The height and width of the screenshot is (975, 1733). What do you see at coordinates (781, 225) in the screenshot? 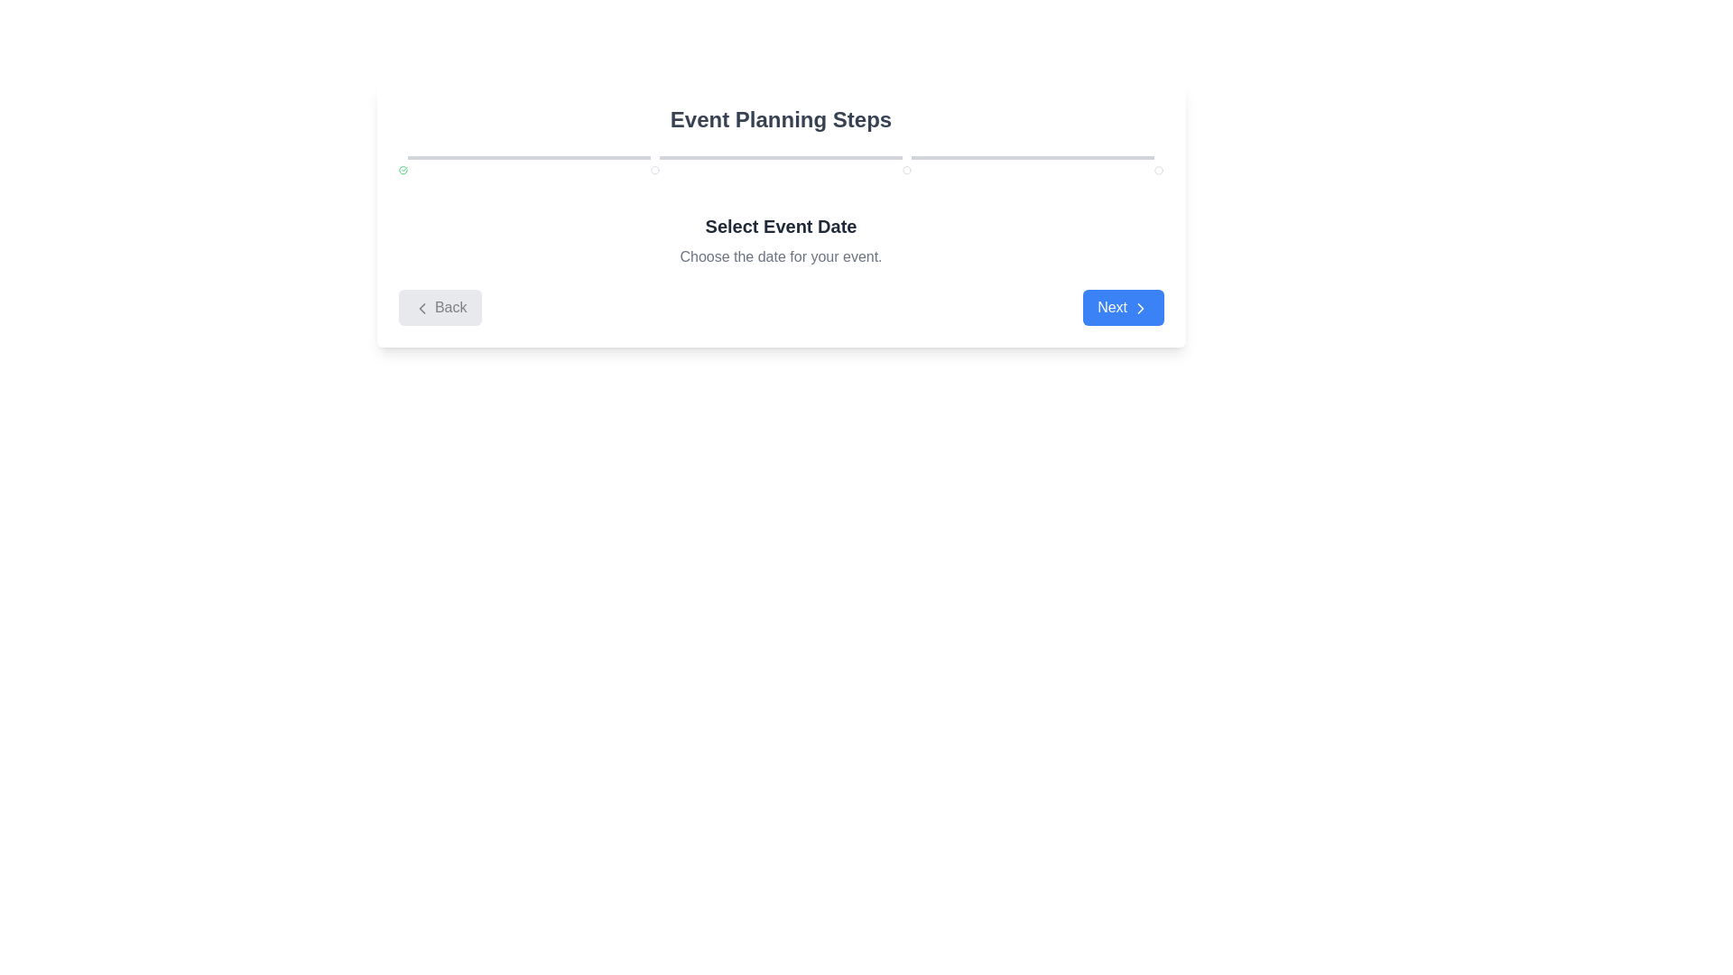
I see `the static text label that displays 'Select Event Date' in bold, extra-large dark gray font, prominently positioned above the descriptive text` at bounding box center [781, 225].